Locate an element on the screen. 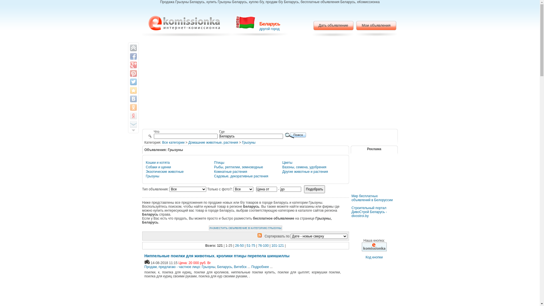  '76-100' is located at coordinates (263, 245).